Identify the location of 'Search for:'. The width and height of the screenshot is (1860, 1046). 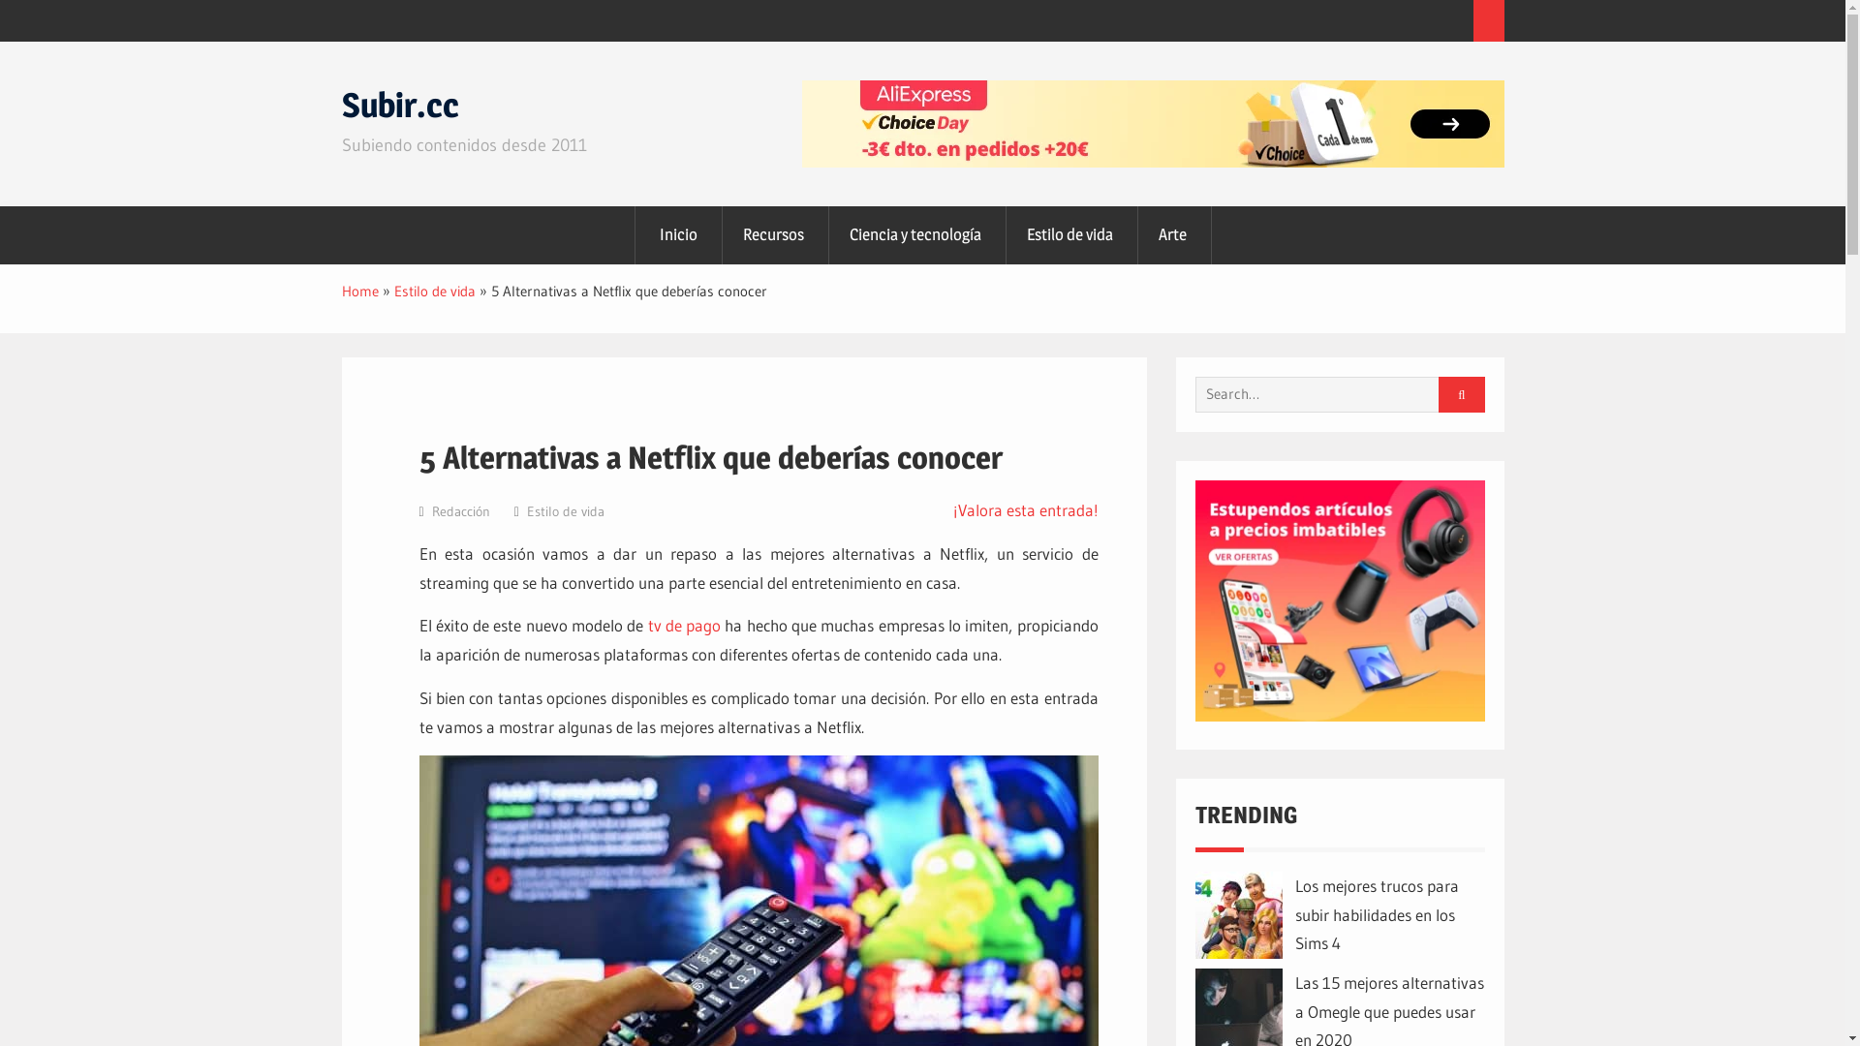
(1332, 393).